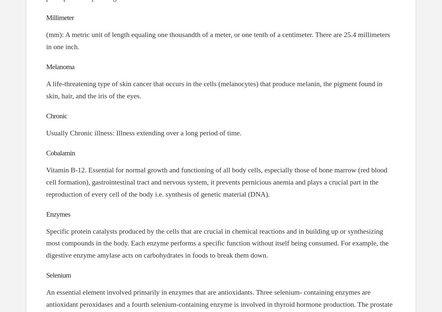 The image size is (442, 312). Describe the element at coordinates (58, 275) in the screenshot. I see `'Selenium'` at that location.